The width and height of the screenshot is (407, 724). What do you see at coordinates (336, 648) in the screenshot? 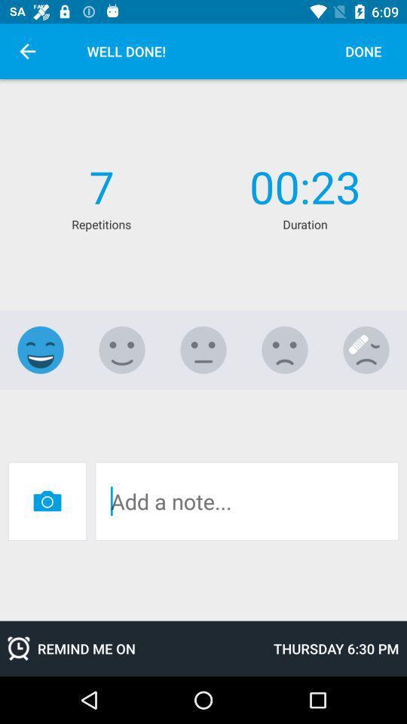
I see `the icon next to the remind me on icon` at bounding box center [336, 648].